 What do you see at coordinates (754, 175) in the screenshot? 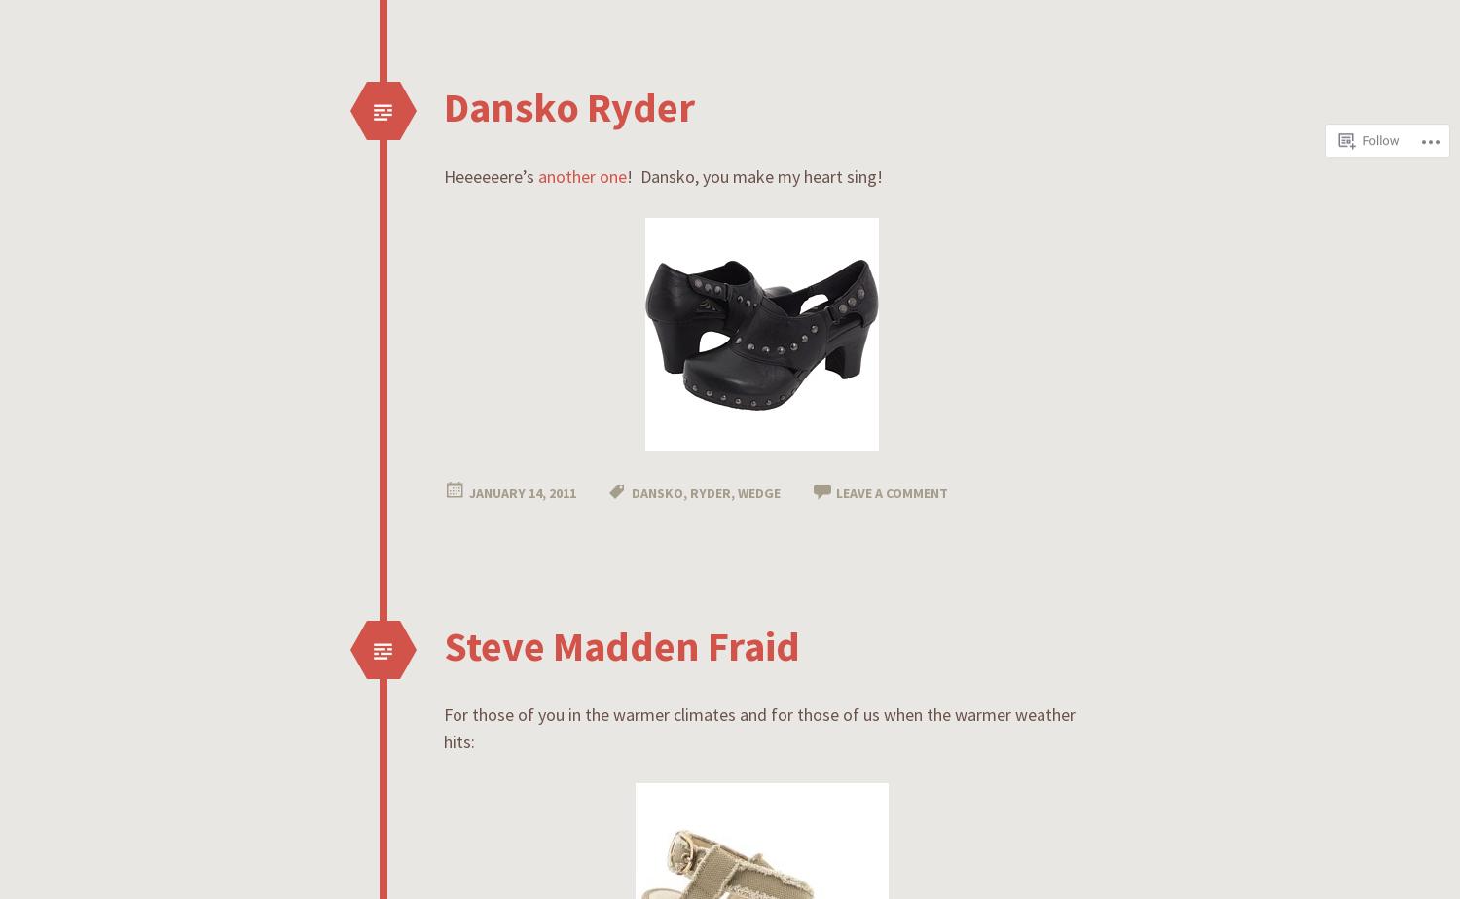
I see `'!  Dansko, you make my heart sing!'` at bounding box center [754, 175].